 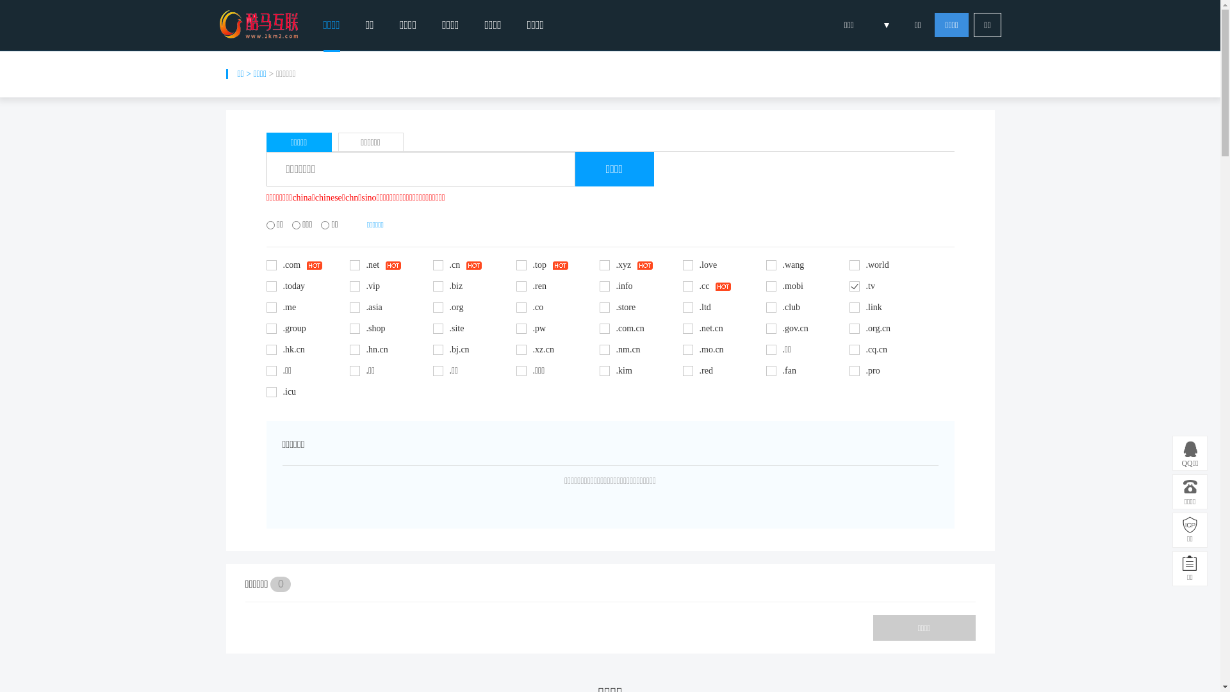 What do you see at coordinates (270, 584) in the screenshot?
I see `'0'` at bounding box center [270, 584].